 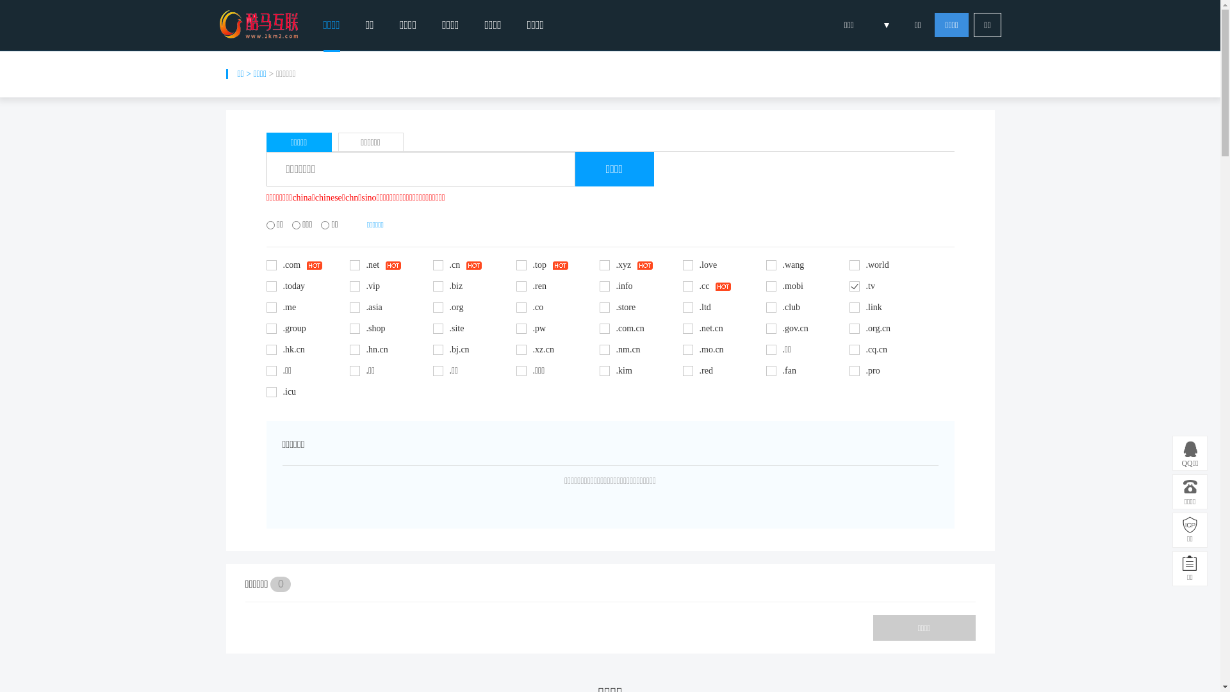 What do you see at coordinates (270, 584) in the screenshot?
I see `'0'` at bounding box center [270, 584].